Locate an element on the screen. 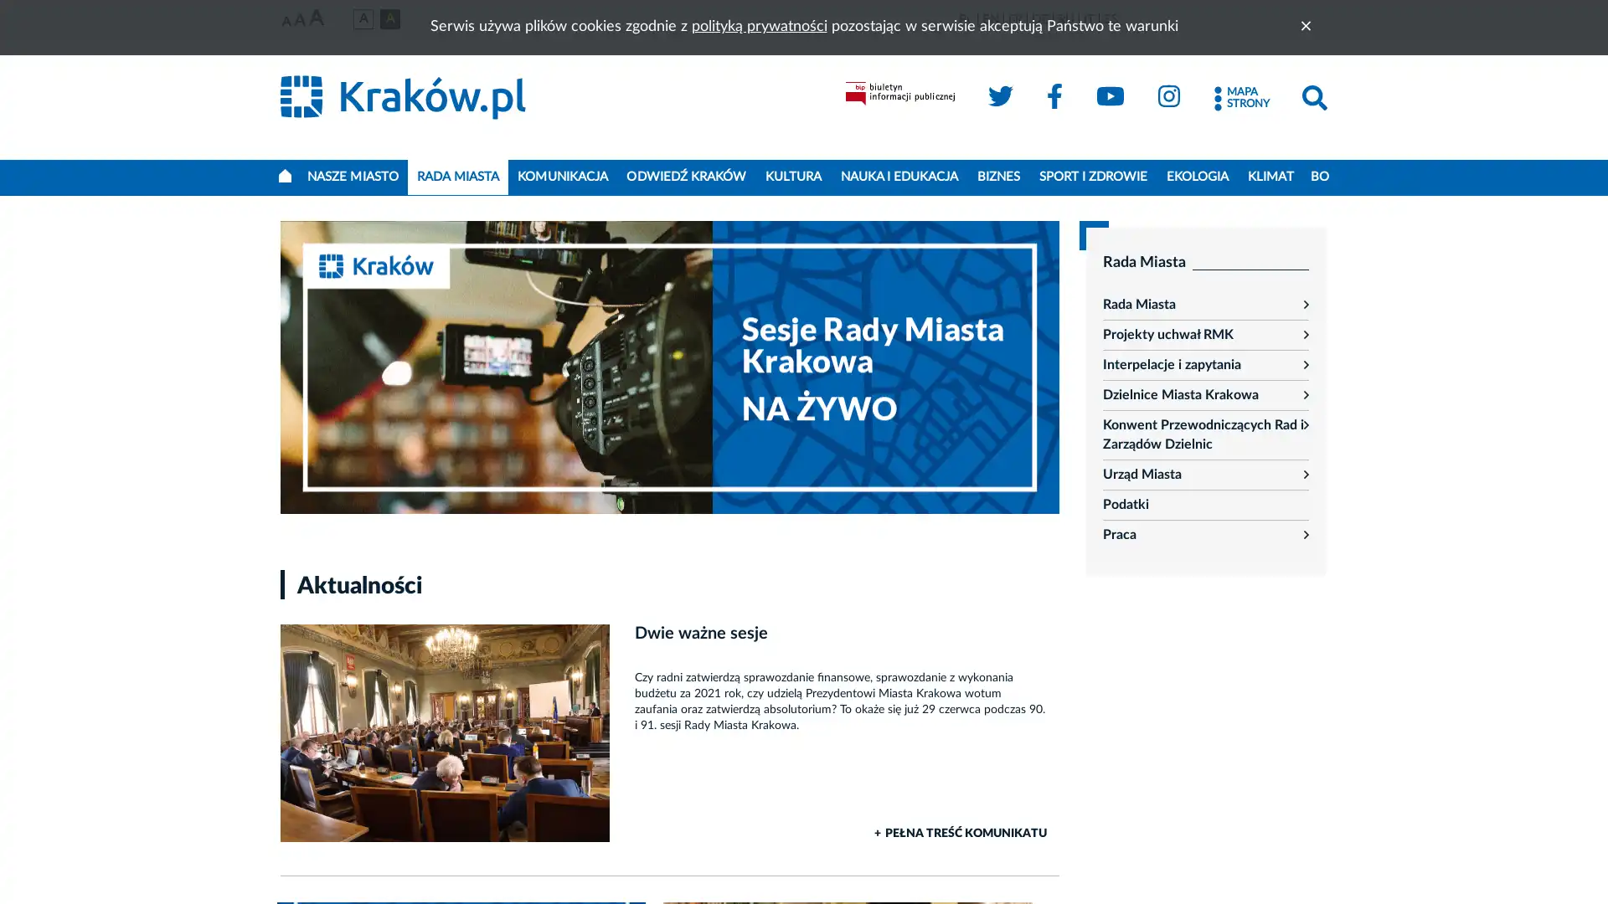  Wersja czarno-zota is located at coordinates (389, 18).